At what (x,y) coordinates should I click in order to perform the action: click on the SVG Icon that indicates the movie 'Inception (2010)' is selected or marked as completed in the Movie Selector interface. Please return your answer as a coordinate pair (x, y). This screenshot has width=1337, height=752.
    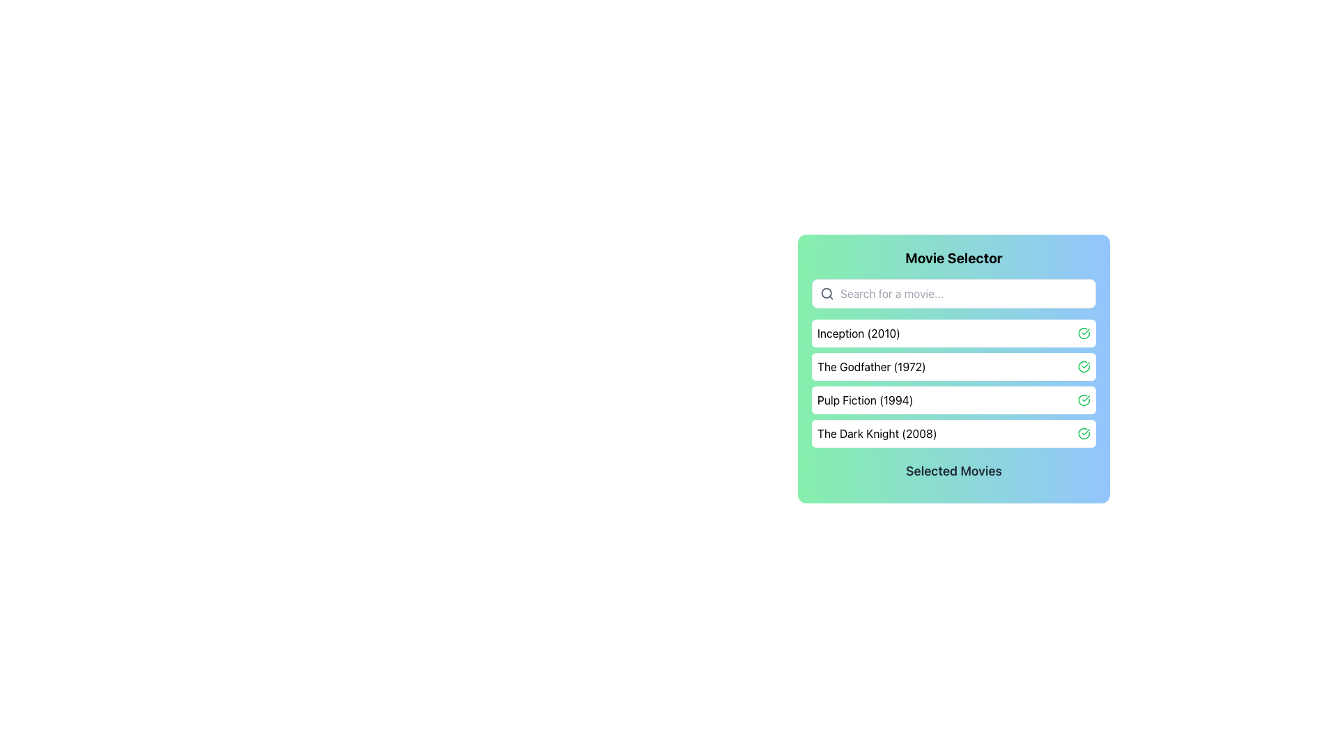
    Looking at the image, I should click on (1083, 333).